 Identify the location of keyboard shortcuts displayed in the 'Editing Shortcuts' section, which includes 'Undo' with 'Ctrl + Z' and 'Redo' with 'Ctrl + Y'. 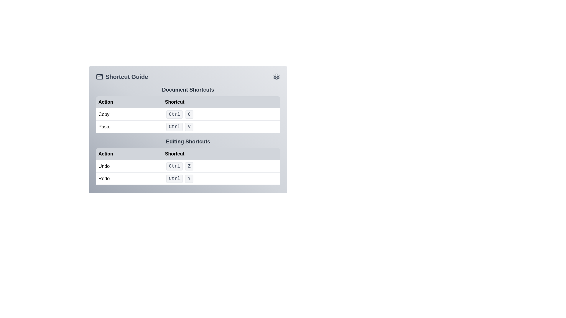
(188, 161).